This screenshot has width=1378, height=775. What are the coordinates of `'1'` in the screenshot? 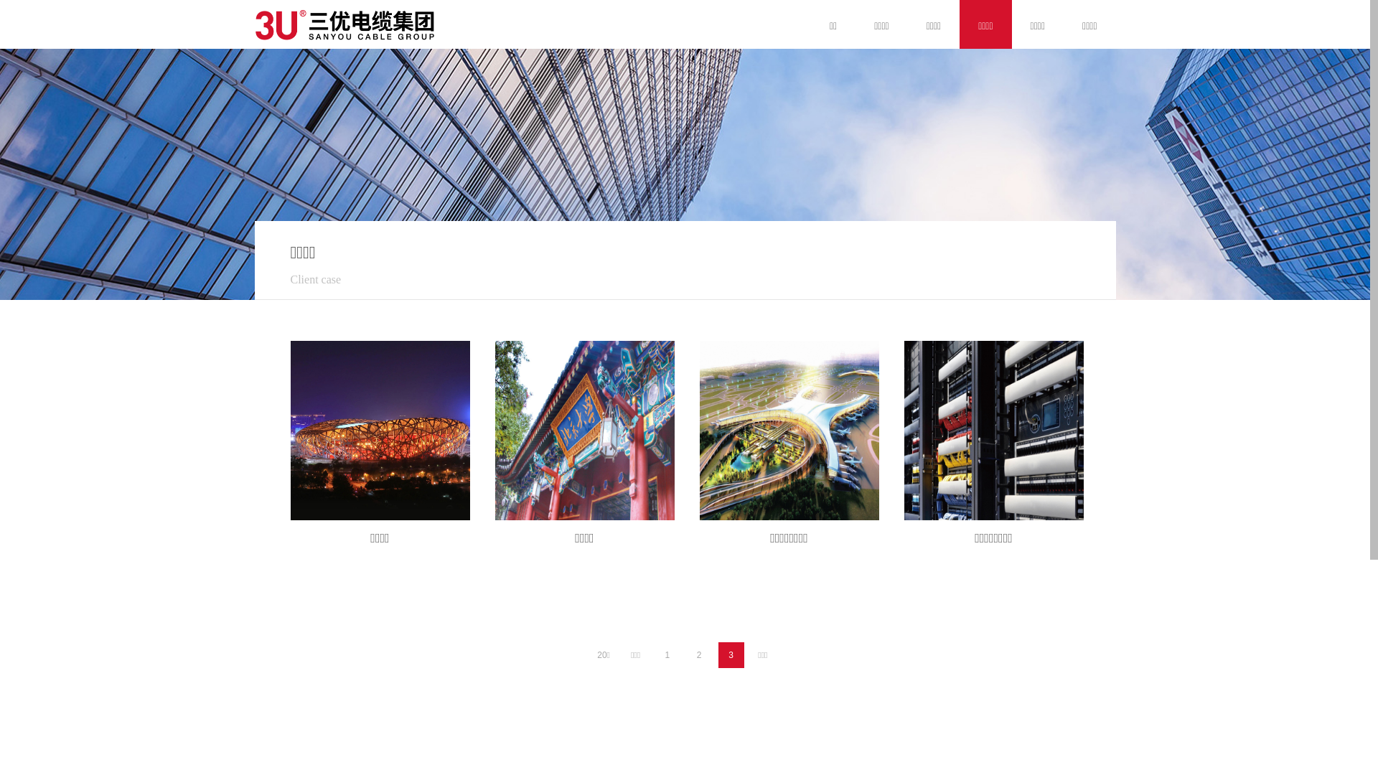 It's located at (654, 655).